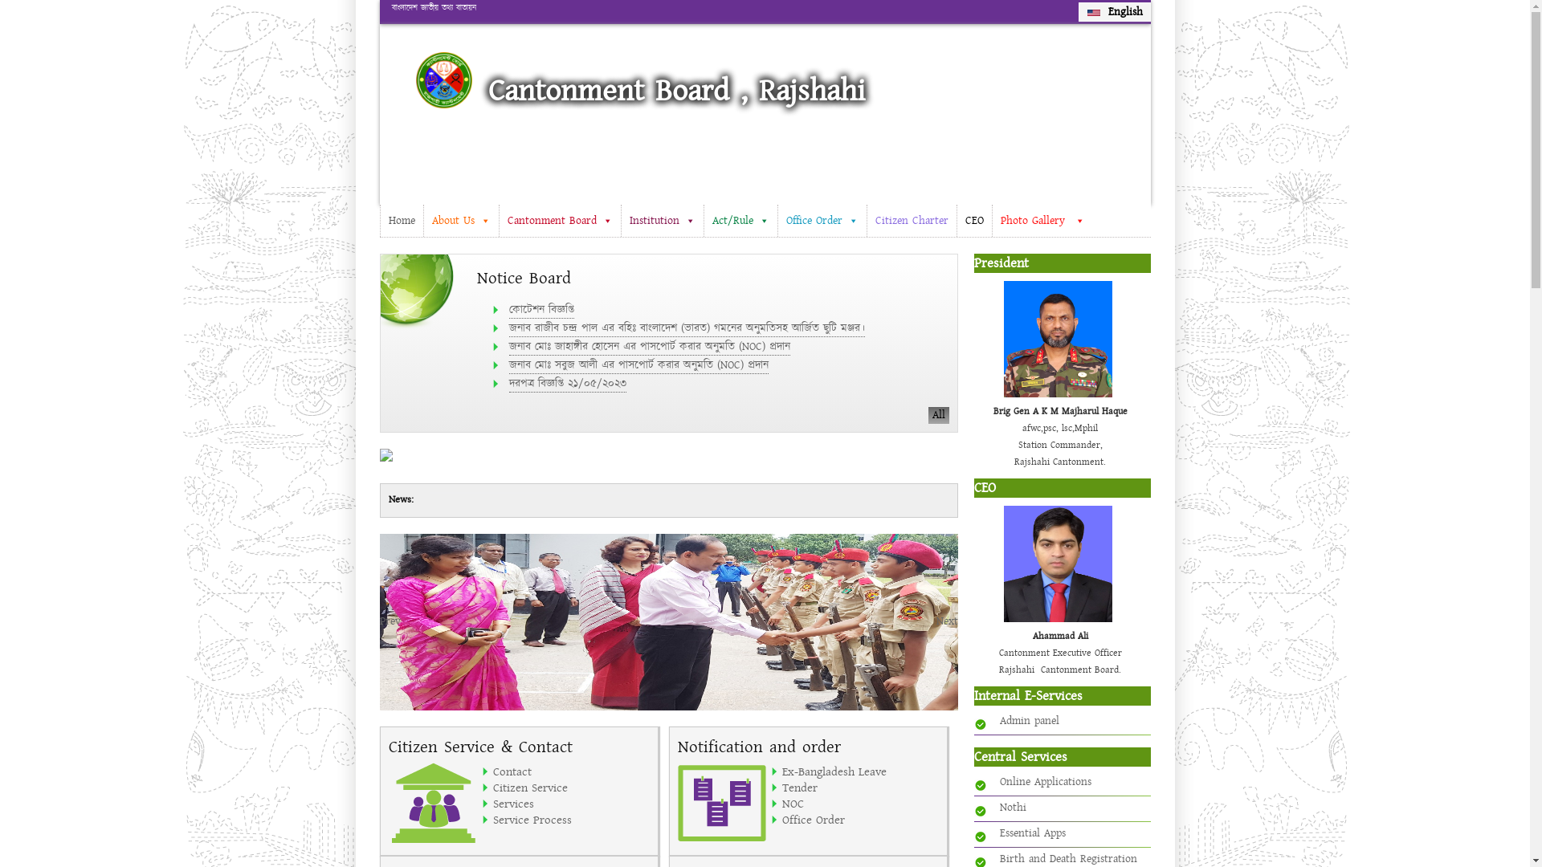  What do you see at coordinates (1011, 808) in the screenshot?
I see `'Nothi'` at bounding box center [1011, 808].